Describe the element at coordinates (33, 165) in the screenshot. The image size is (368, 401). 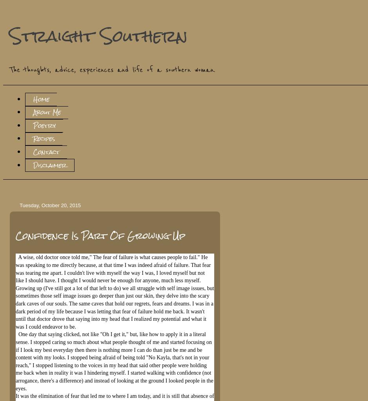
I see `'Disclaimer'` at that location.